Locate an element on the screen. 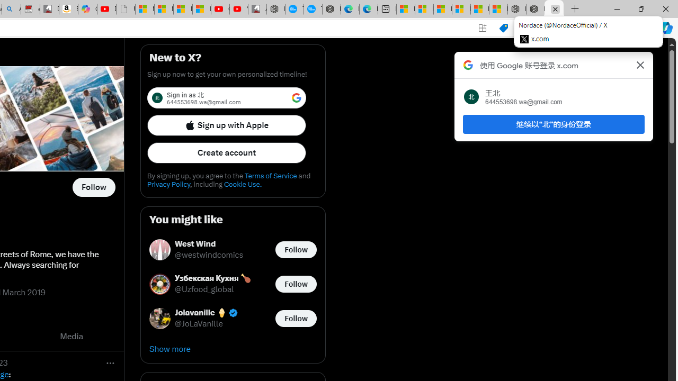 Image resolution: width=678 pixels, height=381 pixels. 'Sign up with Apple' is located at coordinates (226, 124).